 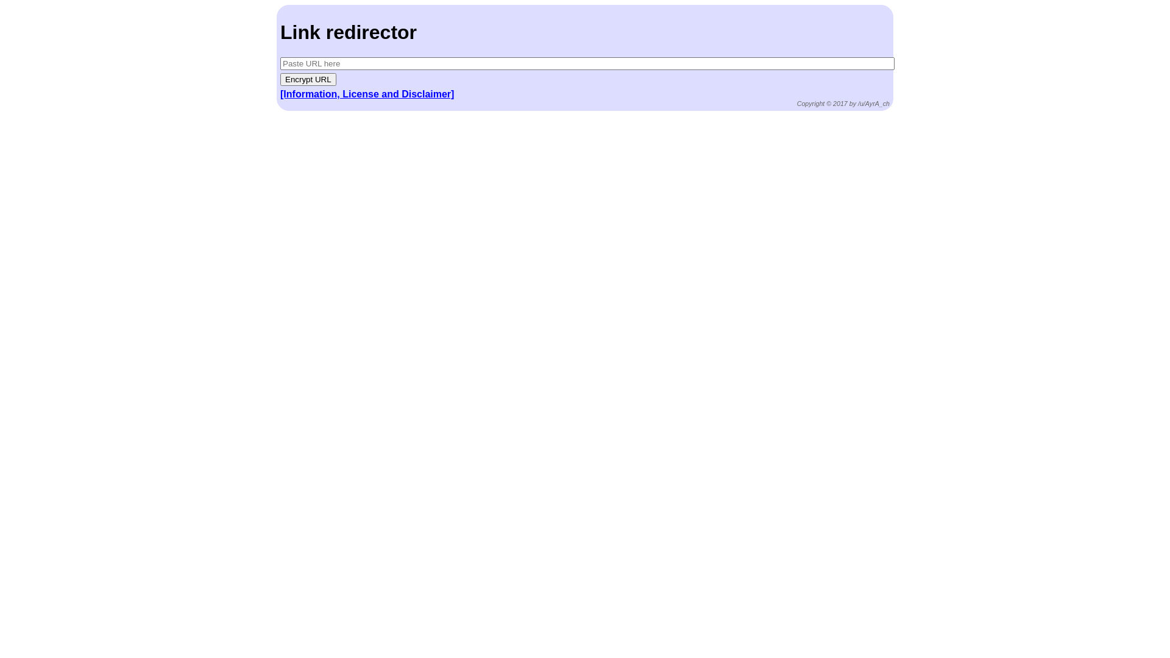 What do you see at coordinates (308, 79) in the screenshot?
I see `'Encrypt URL'` at bounding box center [308, 79].